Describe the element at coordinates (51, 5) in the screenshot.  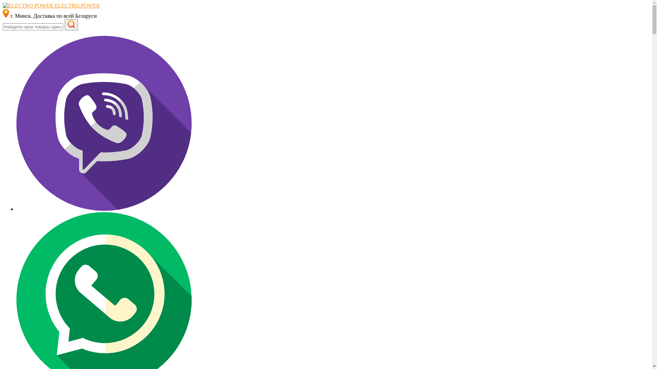
I see `'ELECTRO POWER'` at that location.